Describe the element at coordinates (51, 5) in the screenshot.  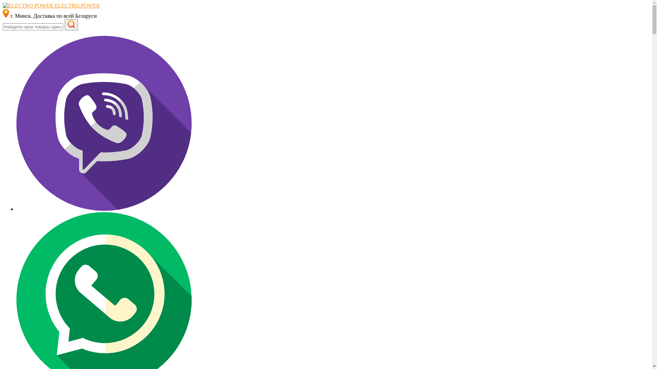
I see `'ELECTRO POWER'` at that location.